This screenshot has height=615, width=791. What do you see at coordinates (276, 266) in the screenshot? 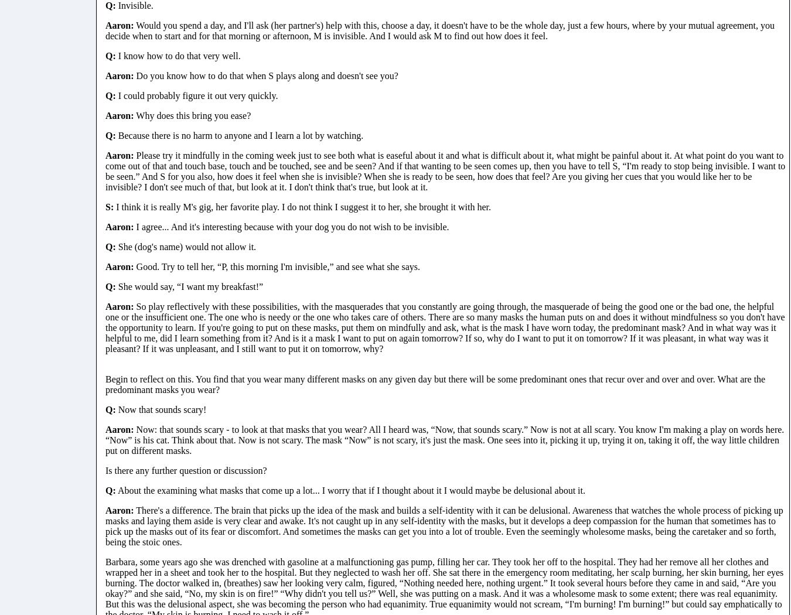
I see `'Good. Try to tell her, “P, this morning I'm invisible,” and see what she says.'` at bounding box center [276, 266].